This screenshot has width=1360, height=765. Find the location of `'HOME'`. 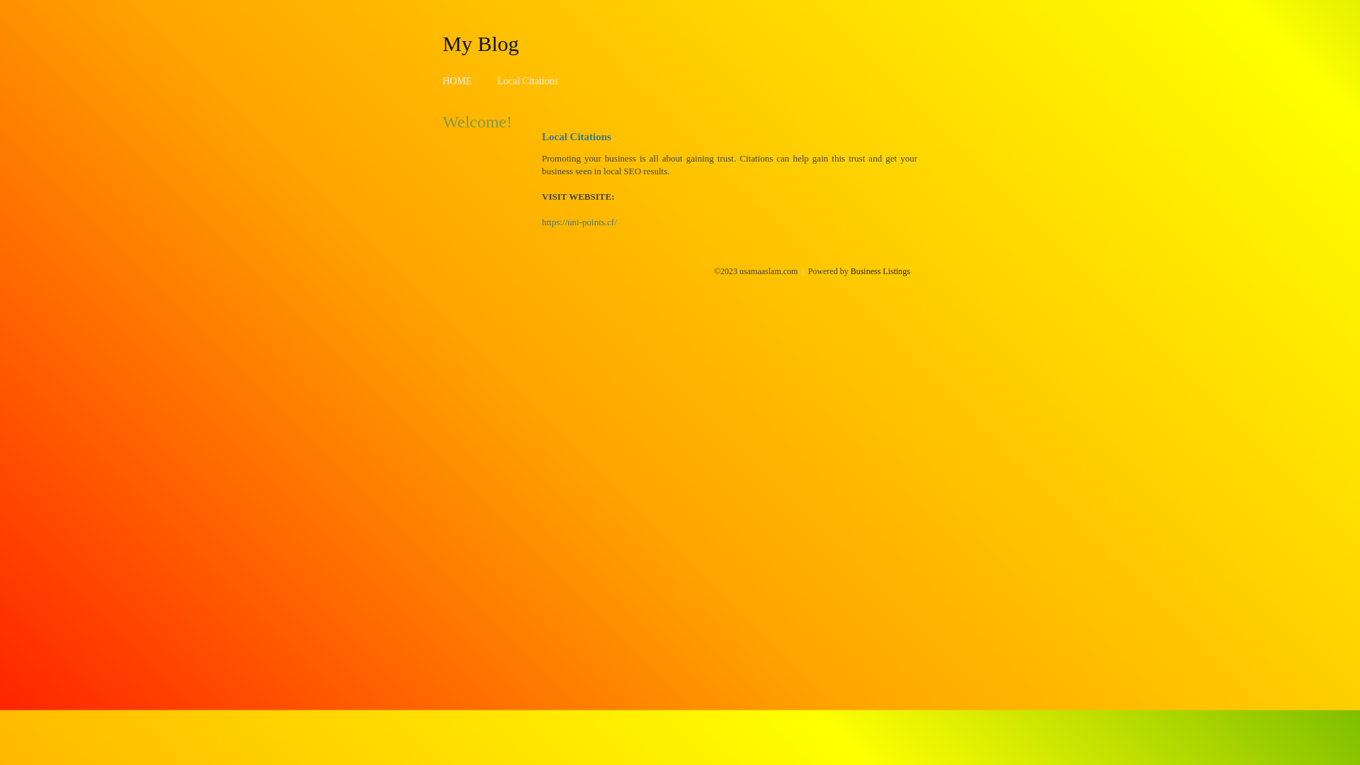

'HOME' is located at coordinates (457, 81).